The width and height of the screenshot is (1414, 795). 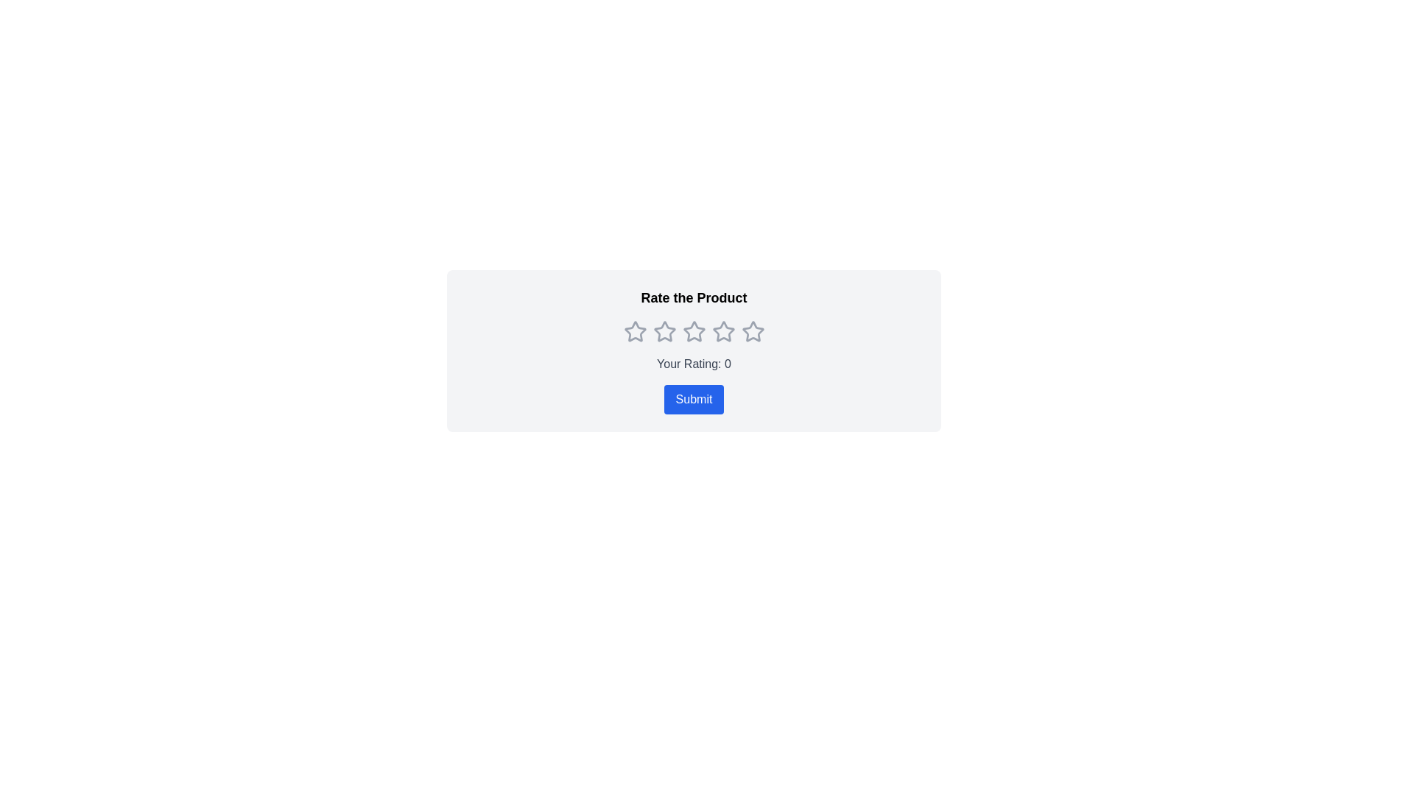 What do you see at coordinates (635, 331) in the screenshot?
I see `the first hollow star icon in the horizontal row beneath the 'Rate the Product' label` at bounding box center [635, 331].